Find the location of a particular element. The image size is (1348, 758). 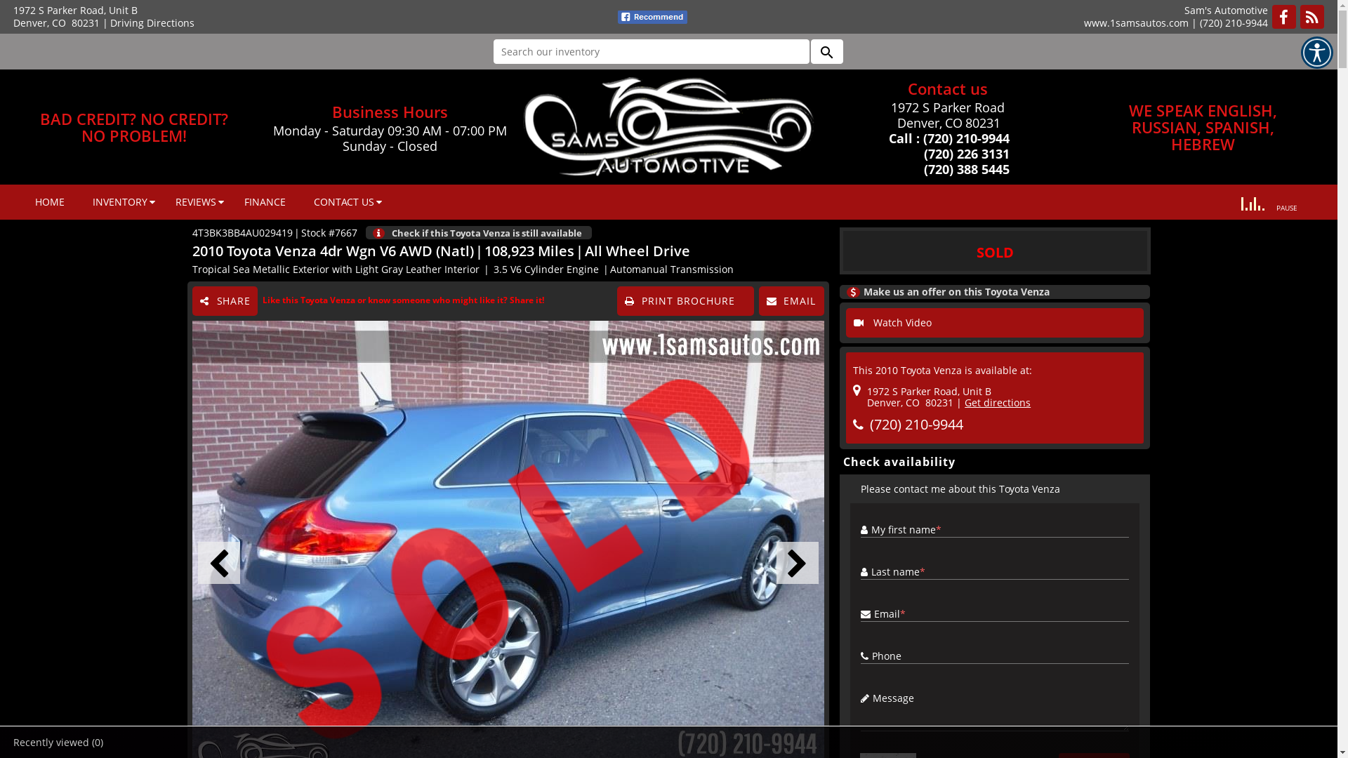

'(720) 210-9944' is located at coordinates (916, 423).